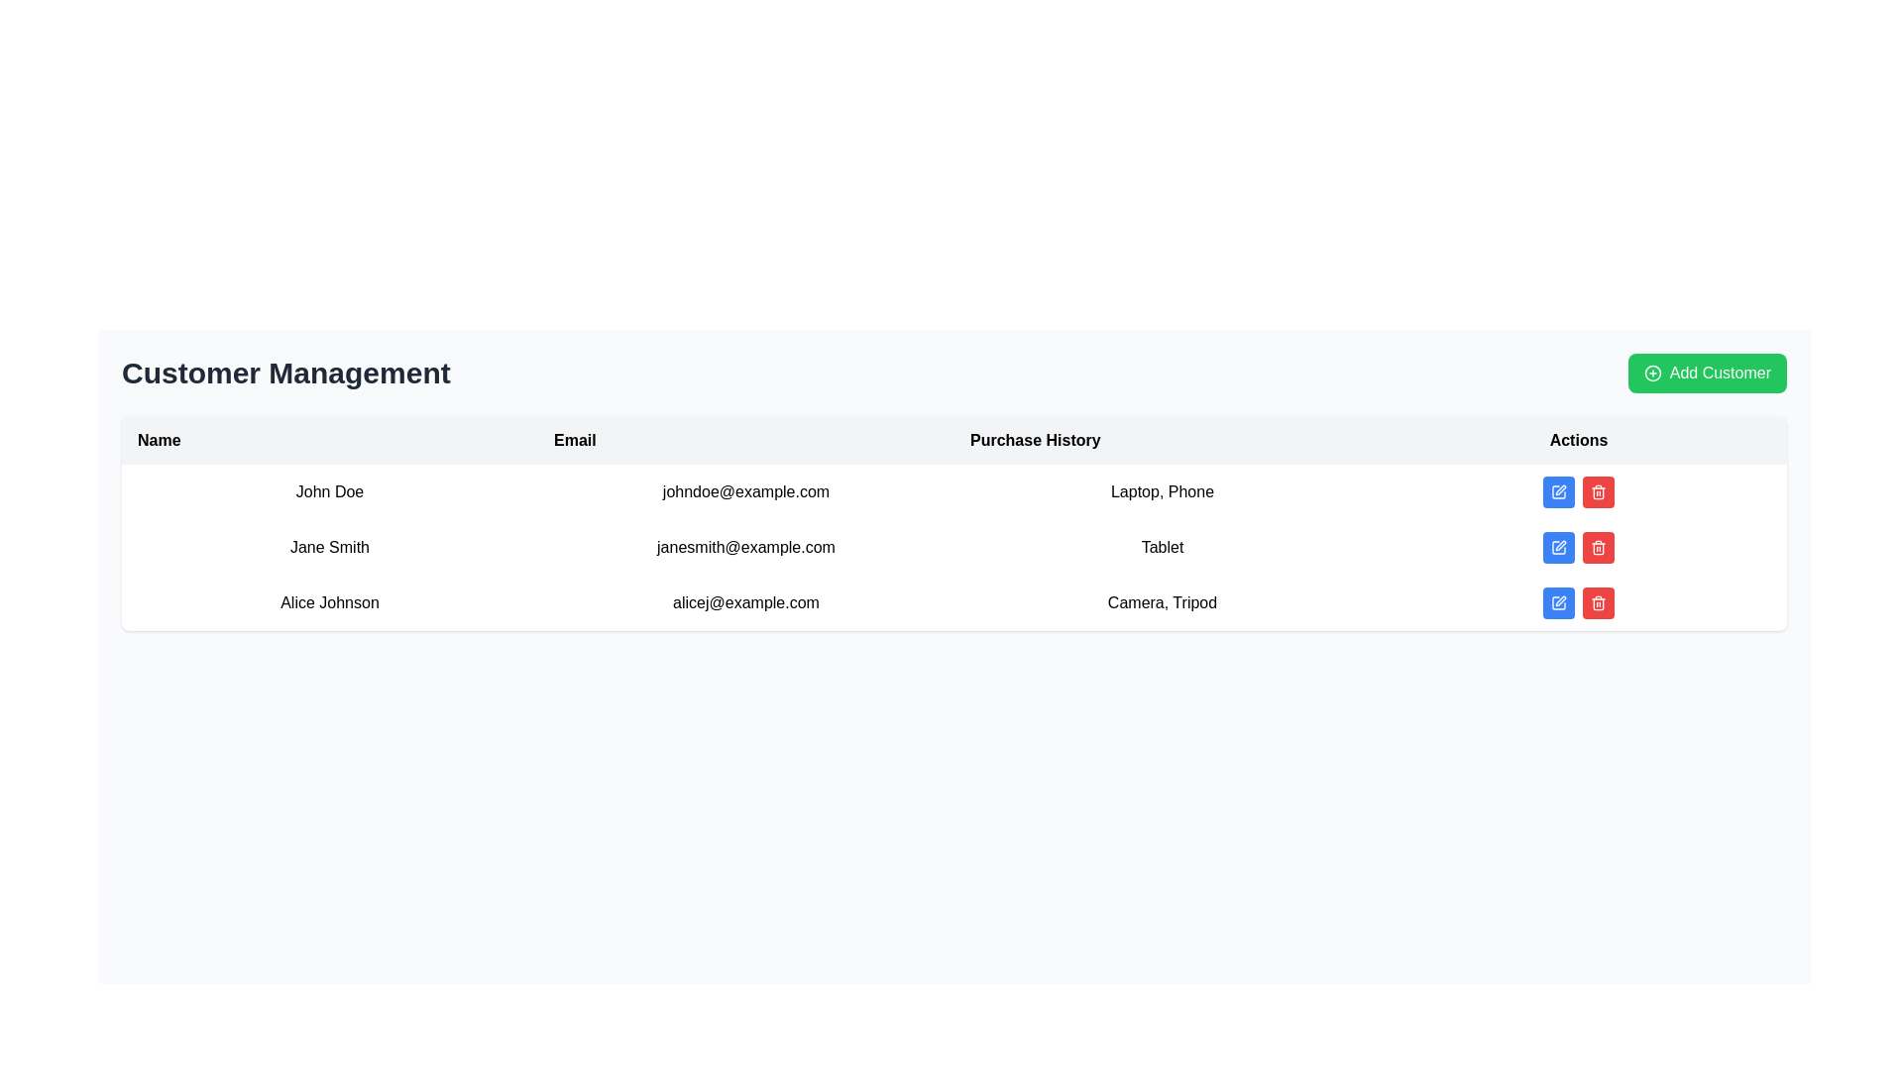 Image resolution: width=1903 pixels, height=1070 pixels. Describe the element at coordinates (1598, 547) in the screenshot. I see `the delete icon button located in the 'Actions' column of the last row of the table to possibly reveal additional information` at that location.